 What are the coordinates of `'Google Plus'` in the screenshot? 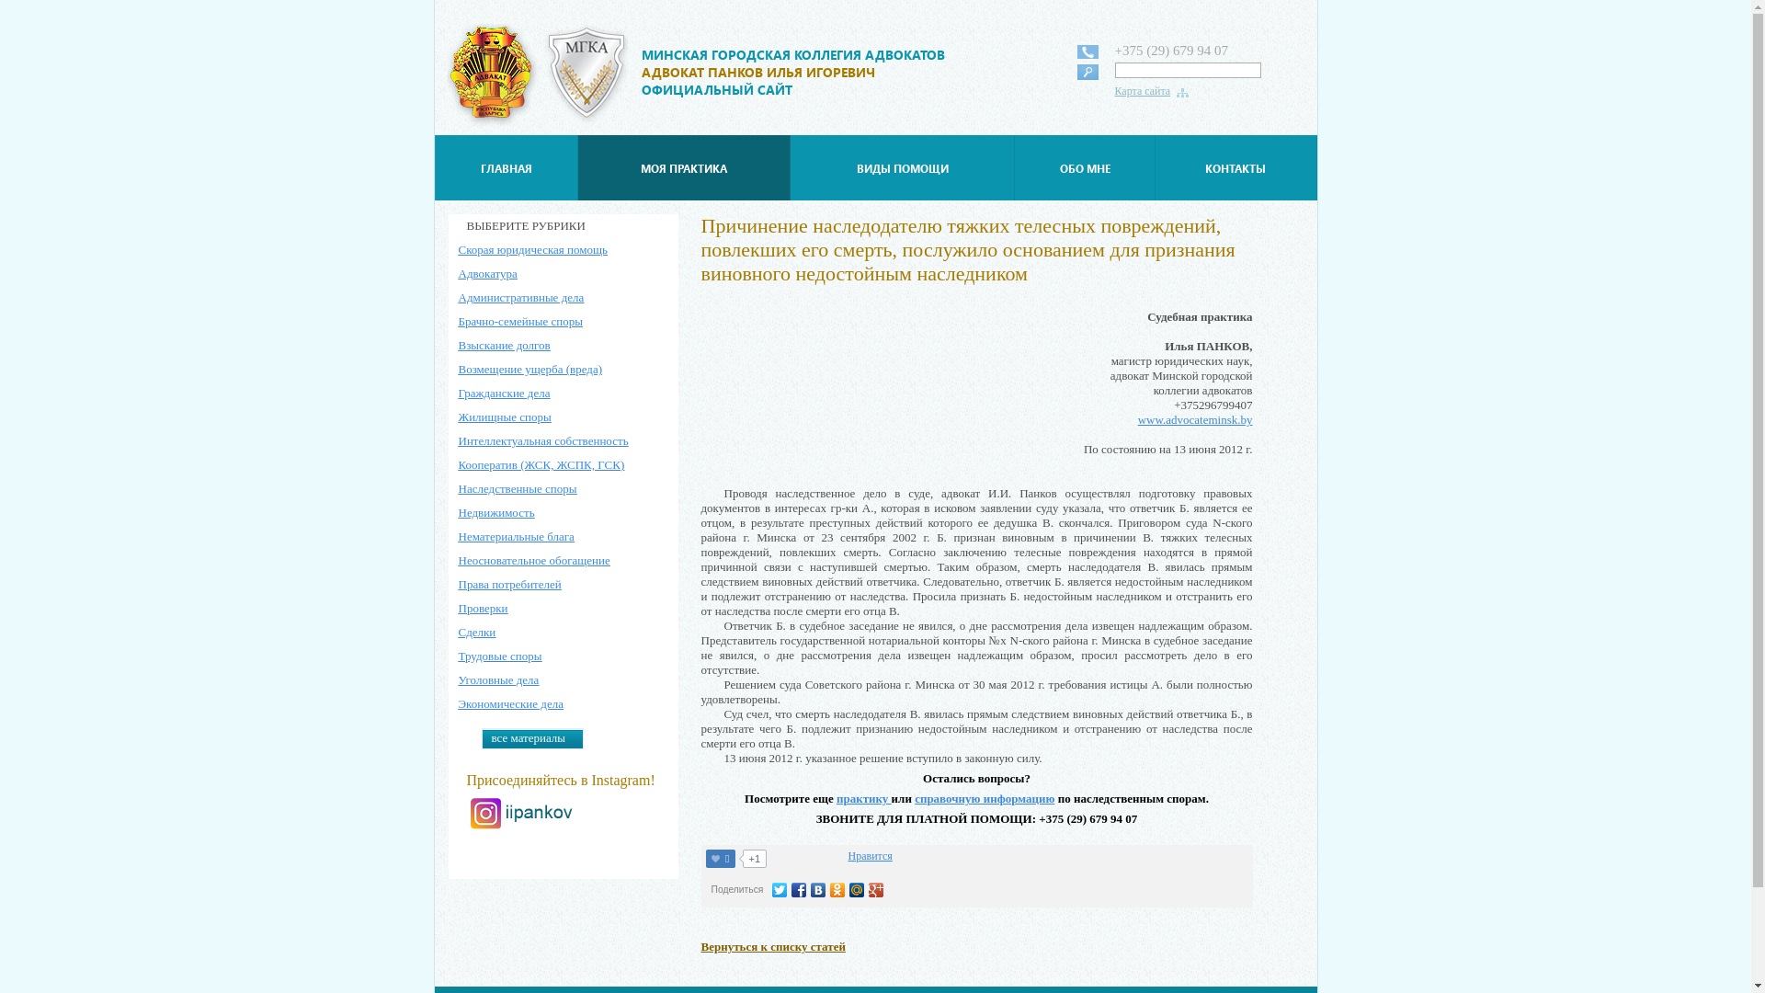 It's located at (875, 889).